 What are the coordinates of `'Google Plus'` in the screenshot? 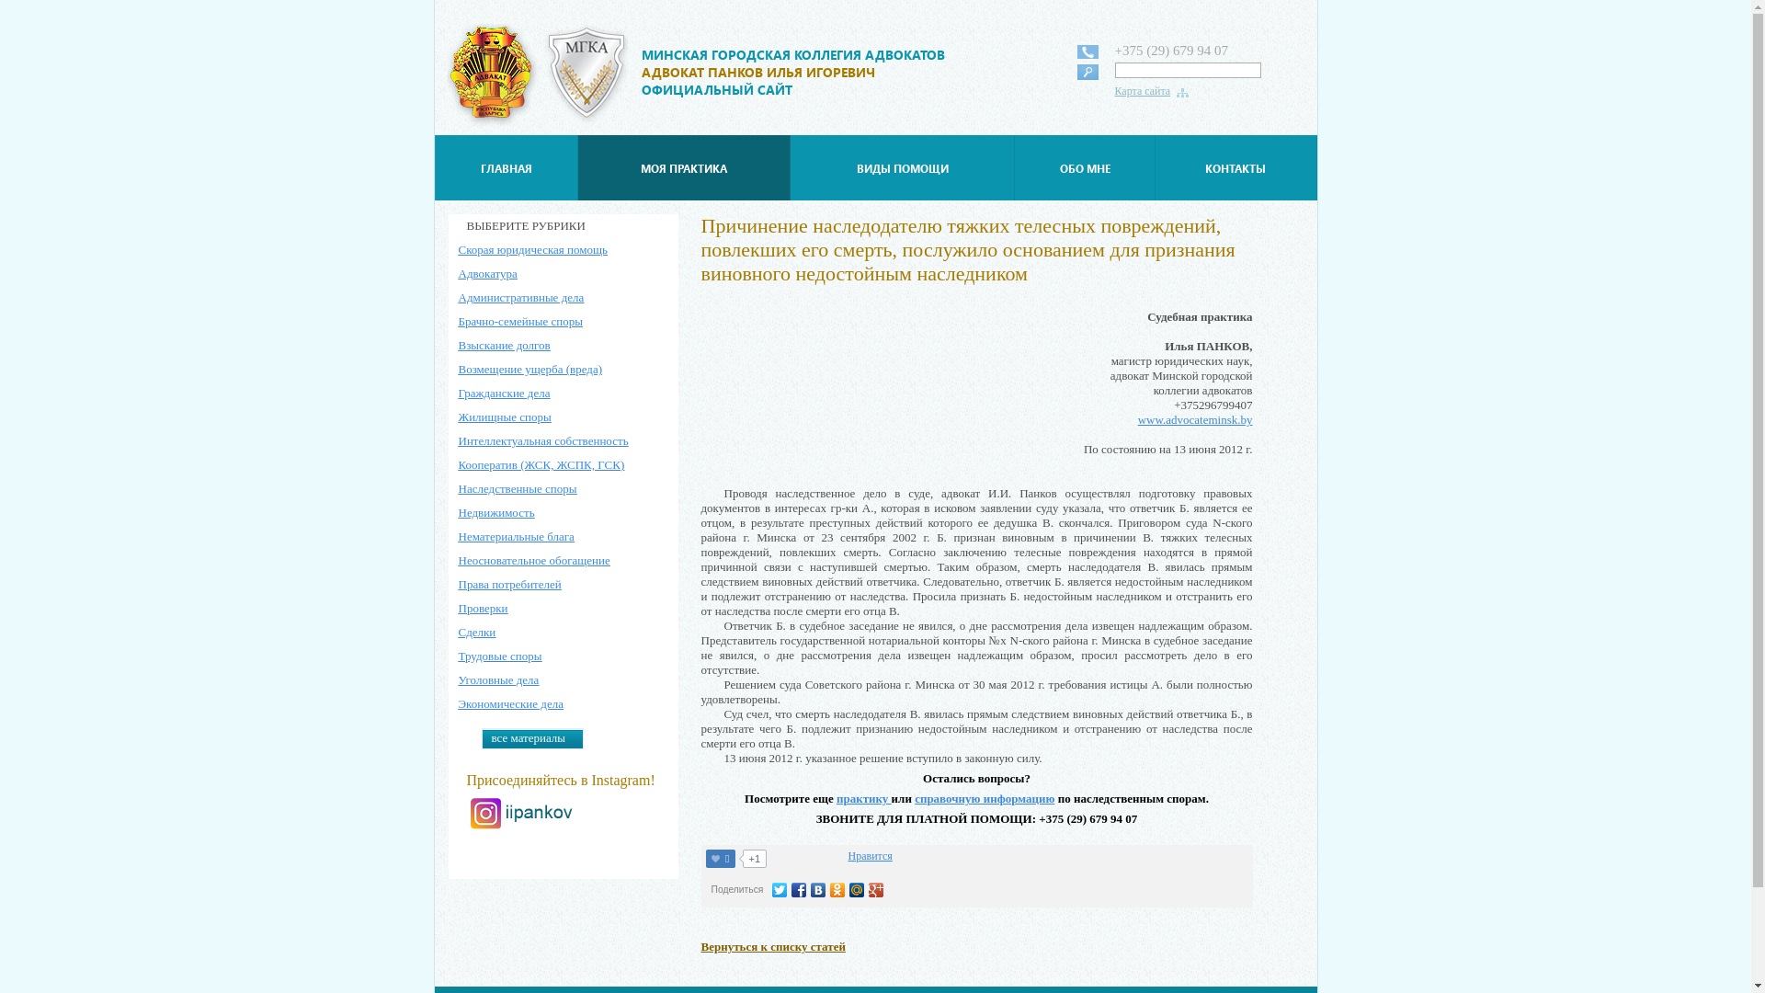 It's located at (875, 889).